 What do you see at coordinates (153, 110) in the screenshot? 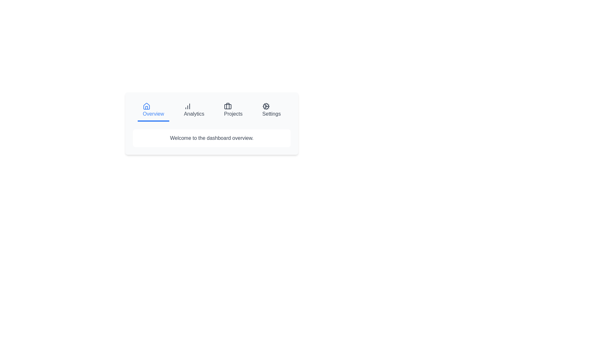
I see `the tab labeled Overview to reveal tooltip information` at bounding box center [153, 110].